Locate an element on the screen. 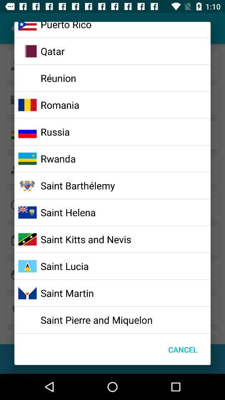 The image size is (225, 400). the cancel at the bottom right corner is located at coordinates (182, 350).